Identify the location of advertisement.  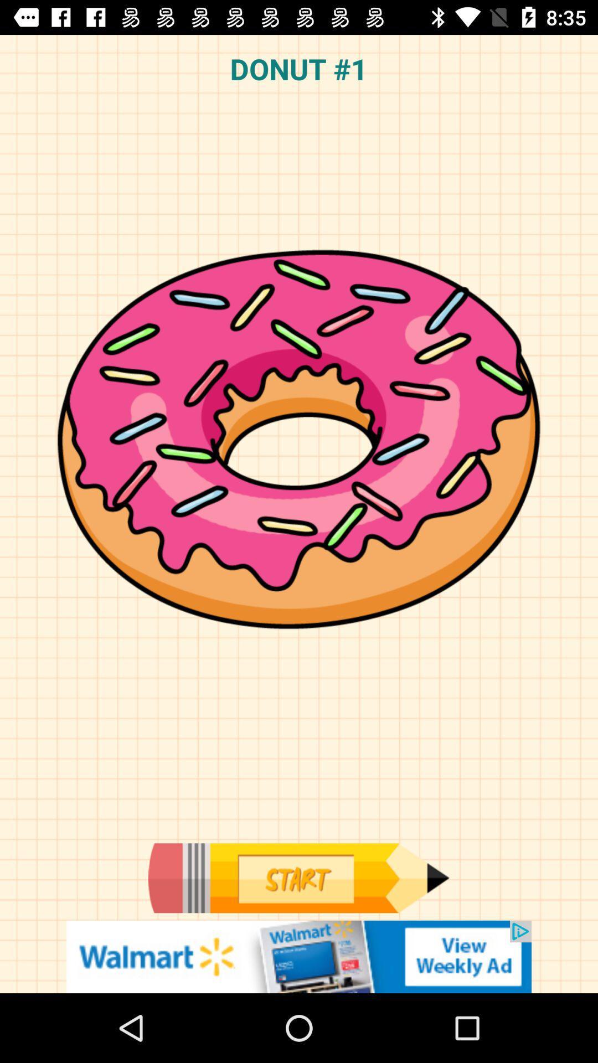
(299, 956).